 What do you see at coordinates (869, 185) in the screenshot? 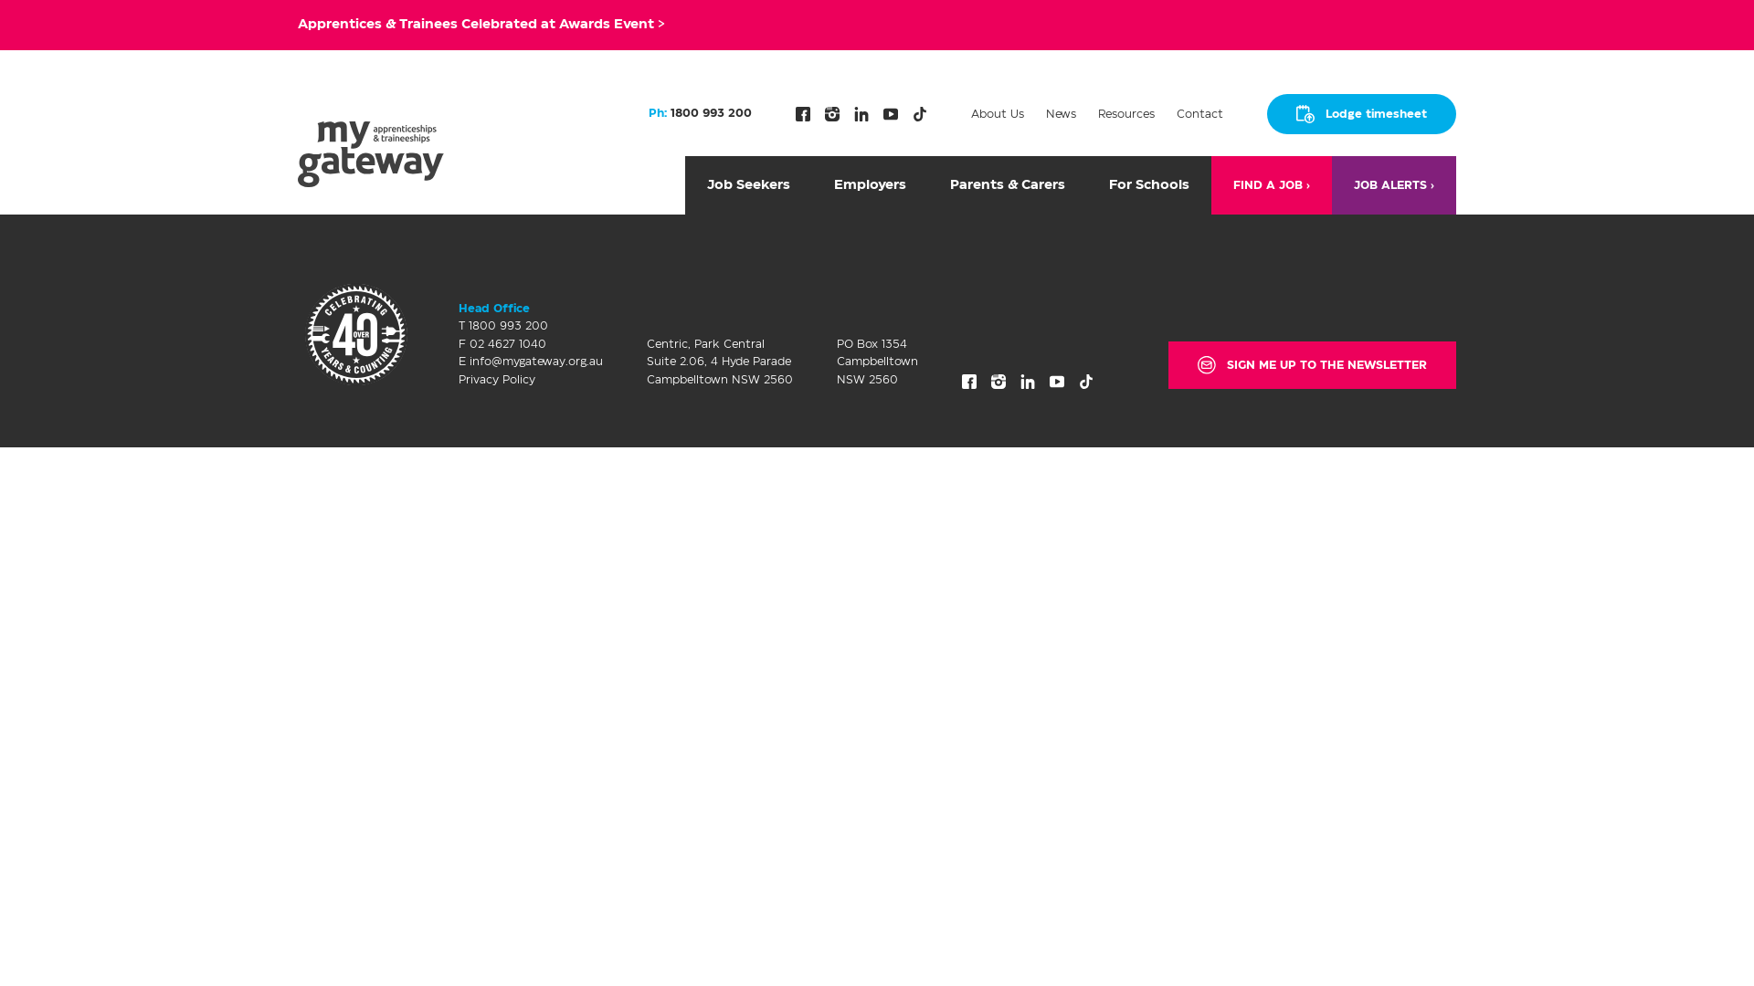
I see `'Employers'` at bounding box center [869, 185].